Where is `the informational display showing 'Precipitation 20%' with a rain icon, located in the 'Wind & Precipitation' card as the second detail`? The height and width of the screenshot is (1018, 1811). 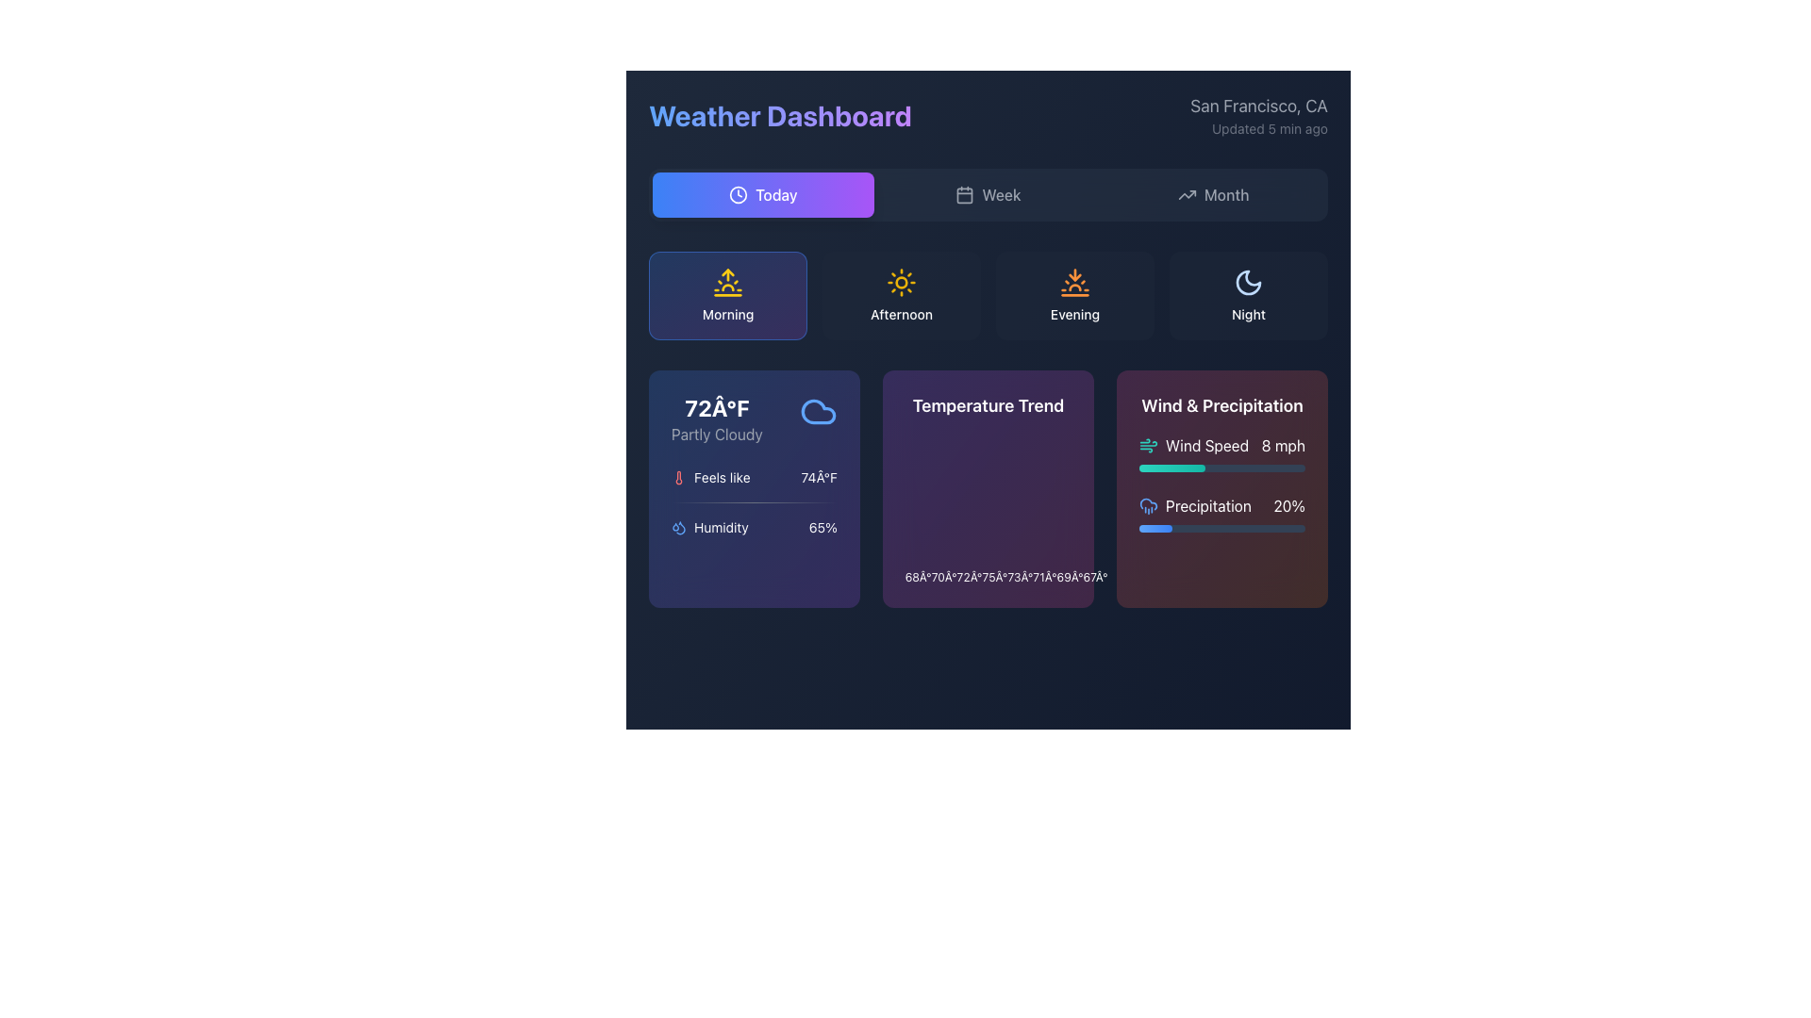 the informational display showing 'Precipitation 20%' with a rain icon, located in the 'Wind & Precipitation' card as the second detail is located at coordinates (1222, 504).